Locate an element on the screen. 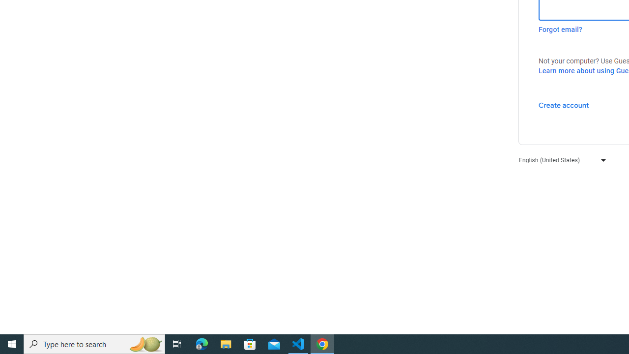  'Forgot email?' is located at coordinates (560, 29).